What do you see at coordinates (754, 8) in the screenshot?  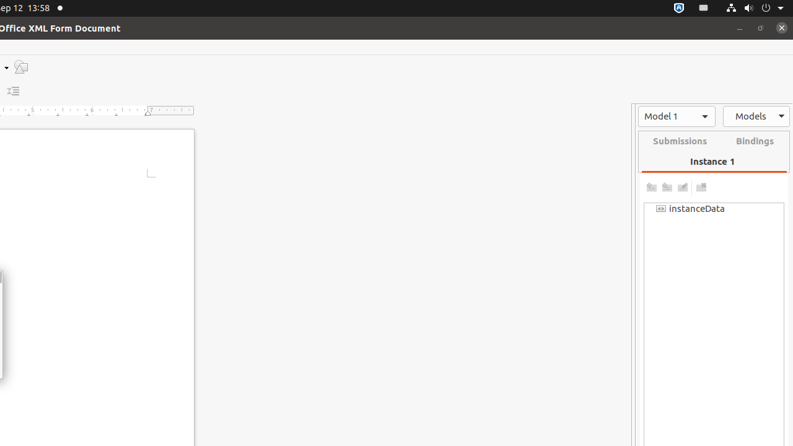 I see `'System'` at bounding box center [754, 8].